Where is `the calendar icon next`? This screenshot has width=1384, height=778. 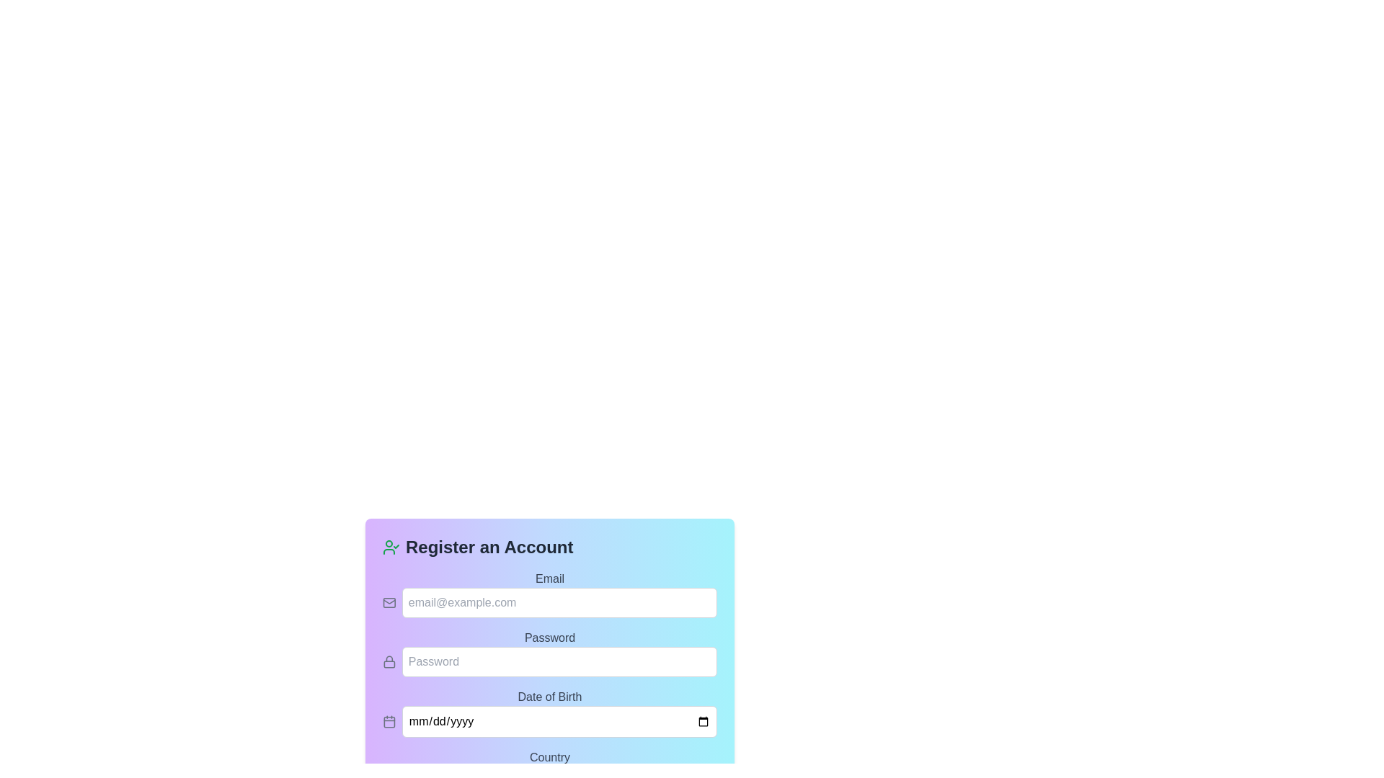
the calendar icon next is located at coordinates (549, 713).